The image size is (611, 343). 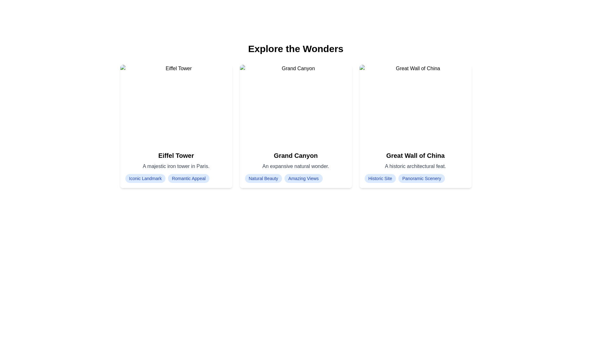 I want to click on the interactive bookmark button located at the bottom-right corner of the 'Grand Canyon' section, so click(x=340, y=176).